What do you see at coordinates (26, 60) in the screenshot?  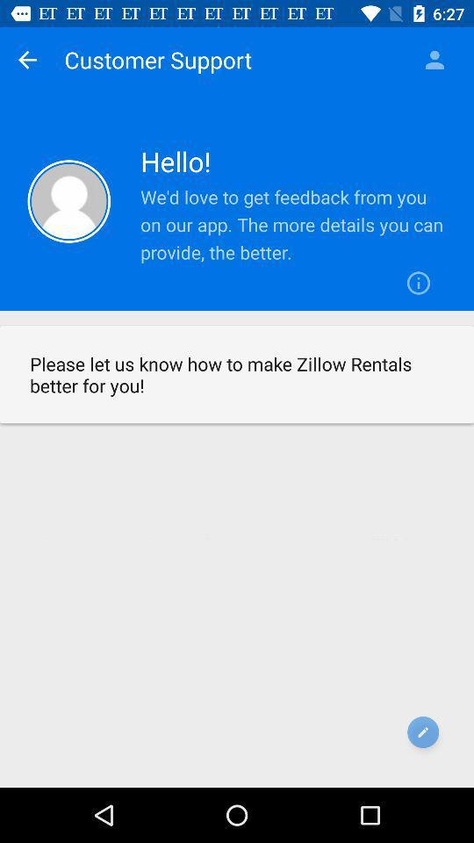 I see `the arrow_backward icon` at bounding box center [26, 60].